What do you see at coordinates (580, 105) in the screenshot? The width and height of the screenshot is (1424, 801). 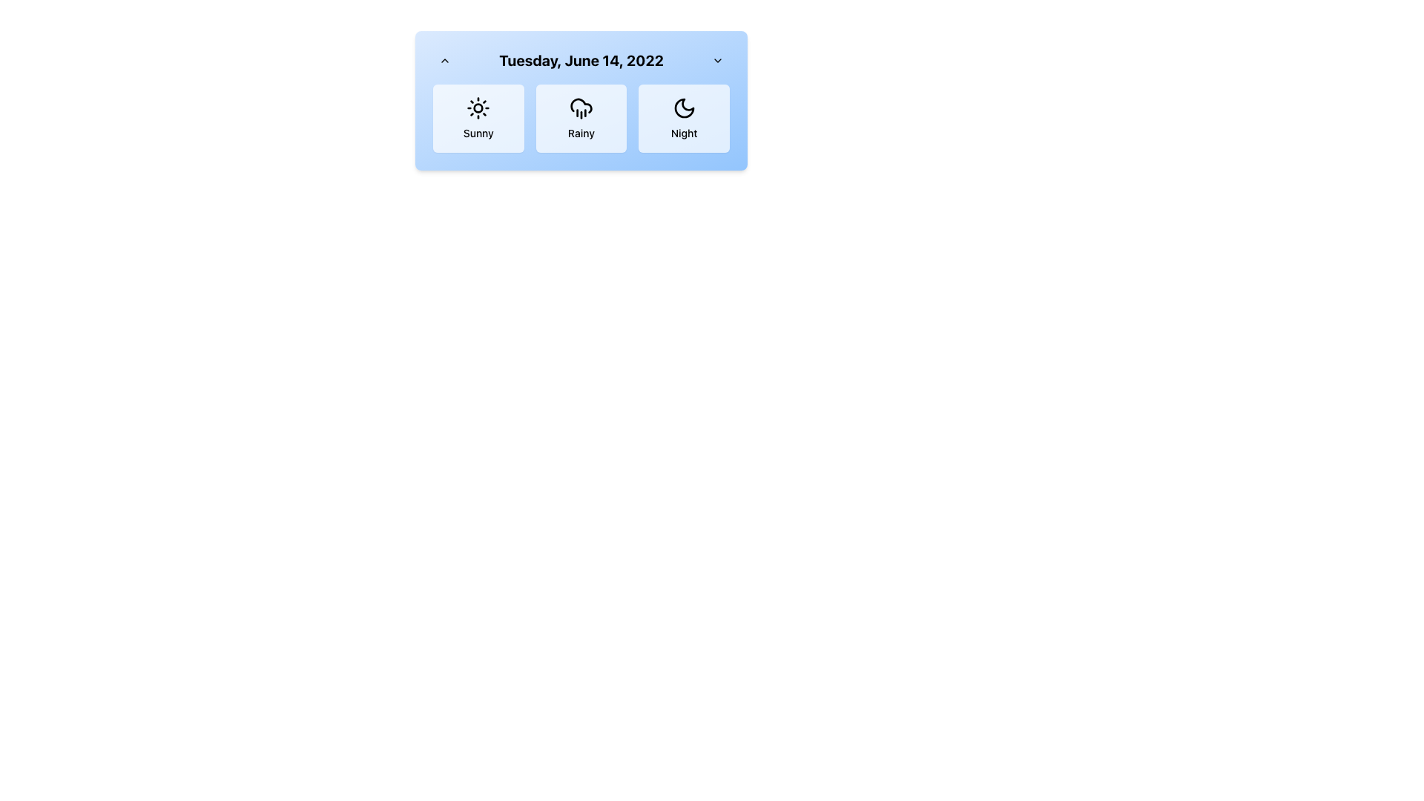 I see `the 'rainy' weather icon` at bounding box center [580, 105].